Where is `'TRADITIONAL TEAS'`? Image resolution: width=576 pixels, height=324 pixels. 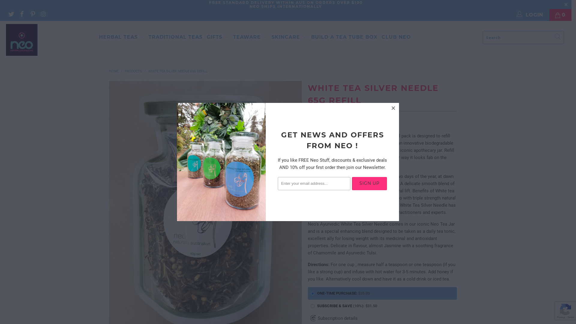
'TRADITIONAL TEAS' is located at coordinates (148, 37).